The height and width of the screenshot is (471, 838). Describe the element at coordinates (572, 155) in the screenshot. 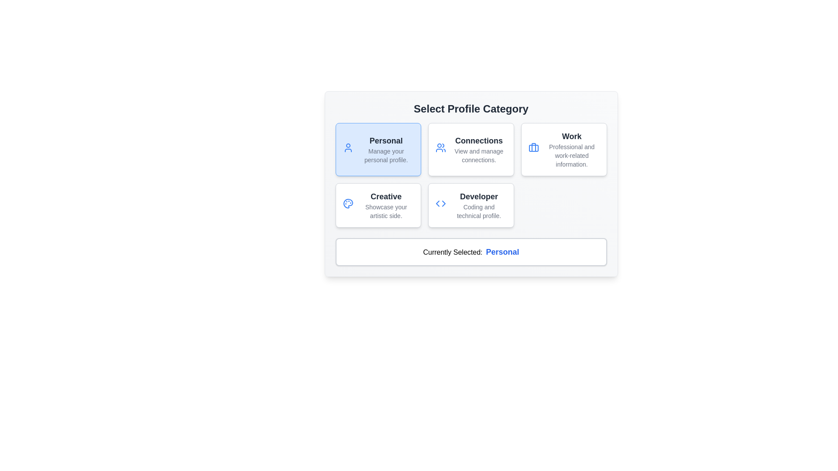

I see `the informational text located below the 'Work' header within the third card in the top-right corner of the layout` at that location.